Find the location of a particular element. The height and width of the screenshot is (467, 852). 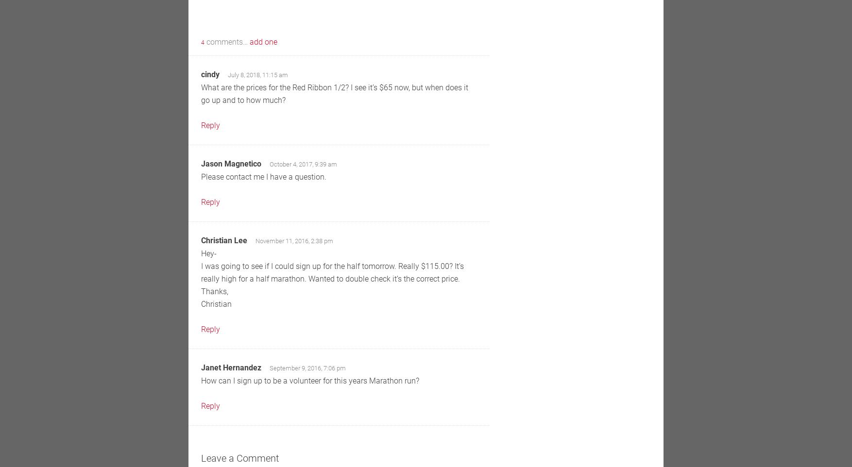

'September 9, 2016, 7:06 pm' is located at coordinates (307, 368).